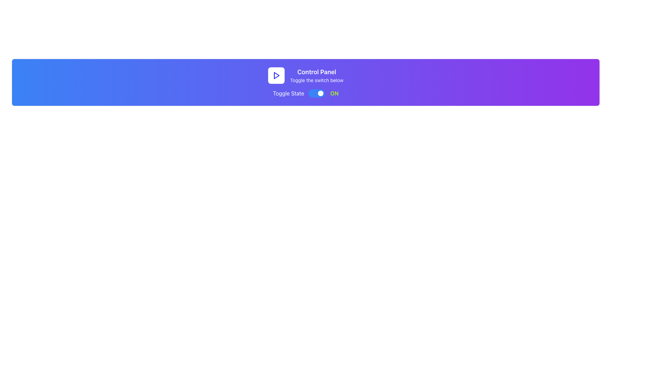 The height and width of the screenshot is (371, 660). I want to click on the Play Button icon located at the top section of the interface, left of the title 'Control Panel' and above the text 'Toggle the switch below', so click(276, 75).